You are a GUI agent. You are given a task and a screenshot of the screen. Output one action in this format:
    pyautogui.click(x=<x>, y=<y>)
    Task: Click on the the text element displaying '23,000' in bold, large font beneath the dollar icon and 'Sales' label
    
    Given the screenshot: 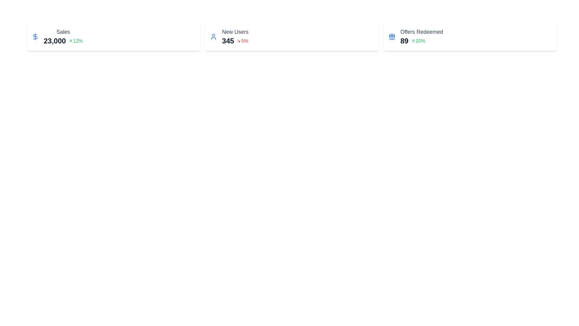 What is the action you would take?
    pyautogui.click(x=55, y=41)
    